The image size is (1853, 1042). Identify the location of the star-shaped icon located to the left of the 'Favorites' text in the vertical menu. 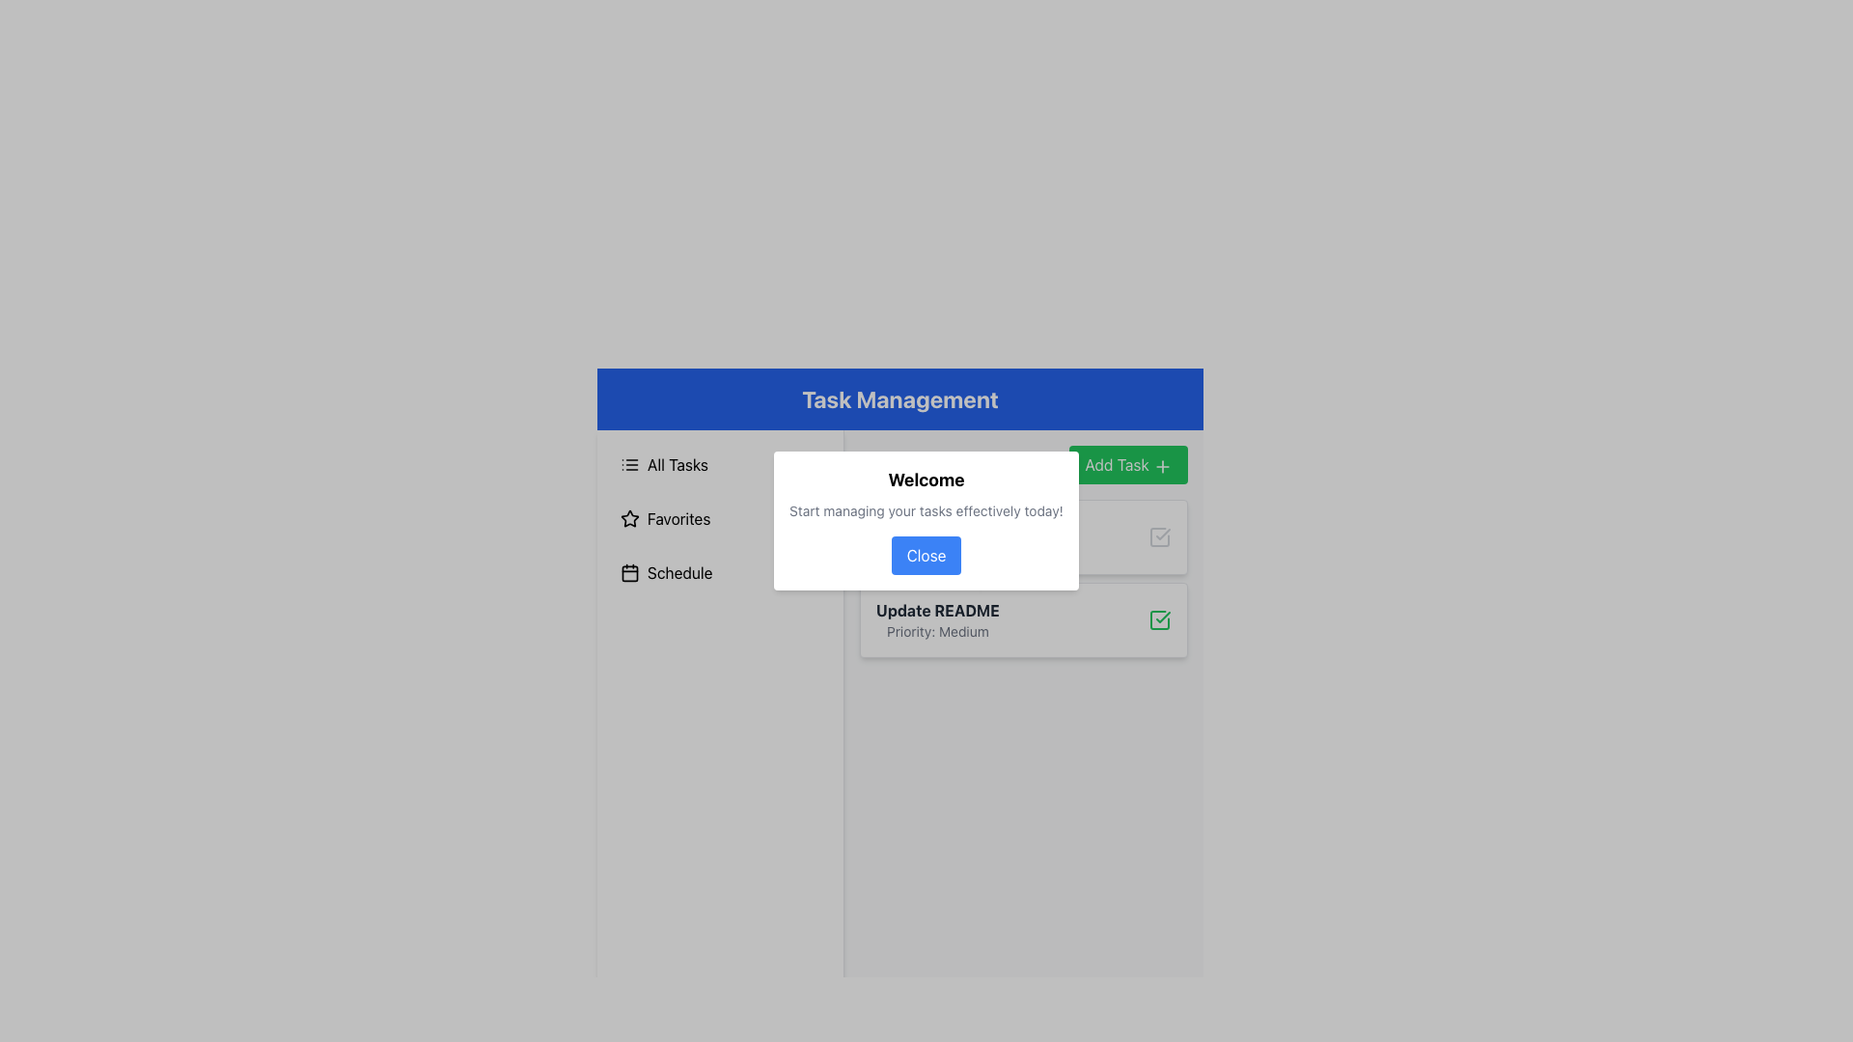
(629, 517).